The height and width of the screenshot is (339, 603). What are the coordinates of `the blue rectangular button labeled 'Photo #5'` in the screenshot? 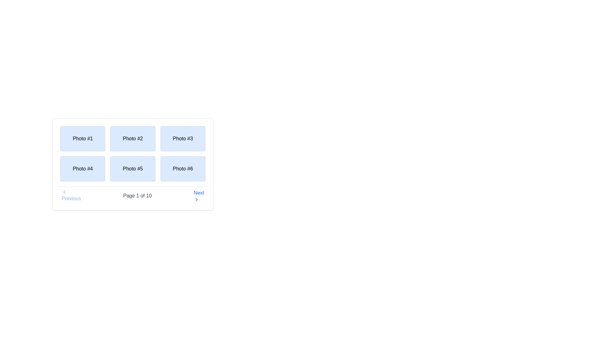 It's located at (132, 164).